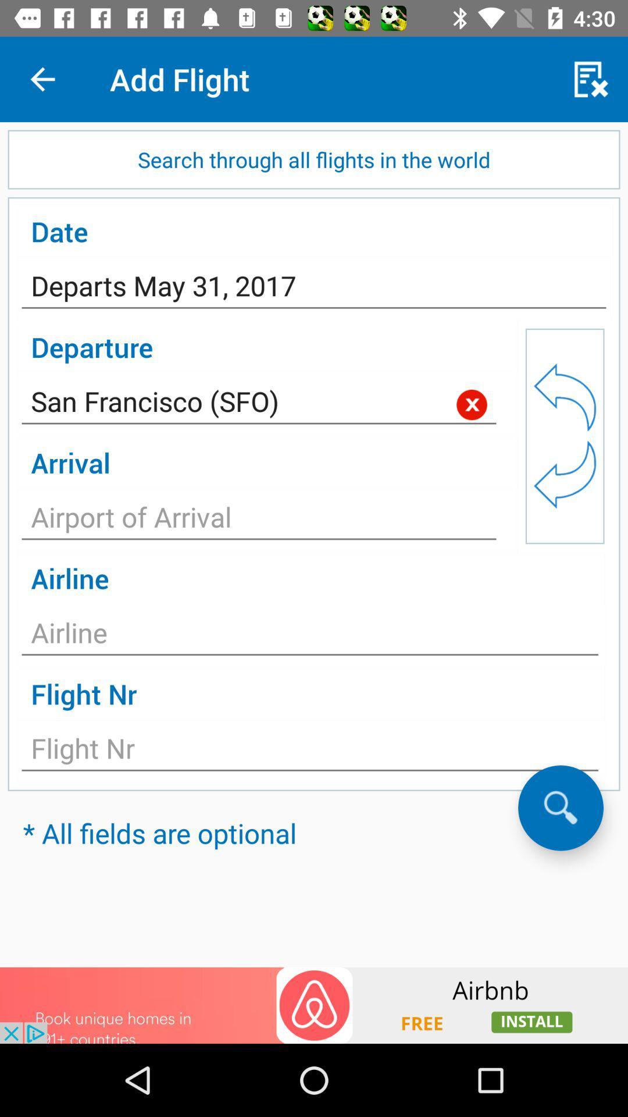 The image size is (628, 1117). Describe the element at coordinates (258, 520) in the screenshot. I see `airport of arrival` at that location.